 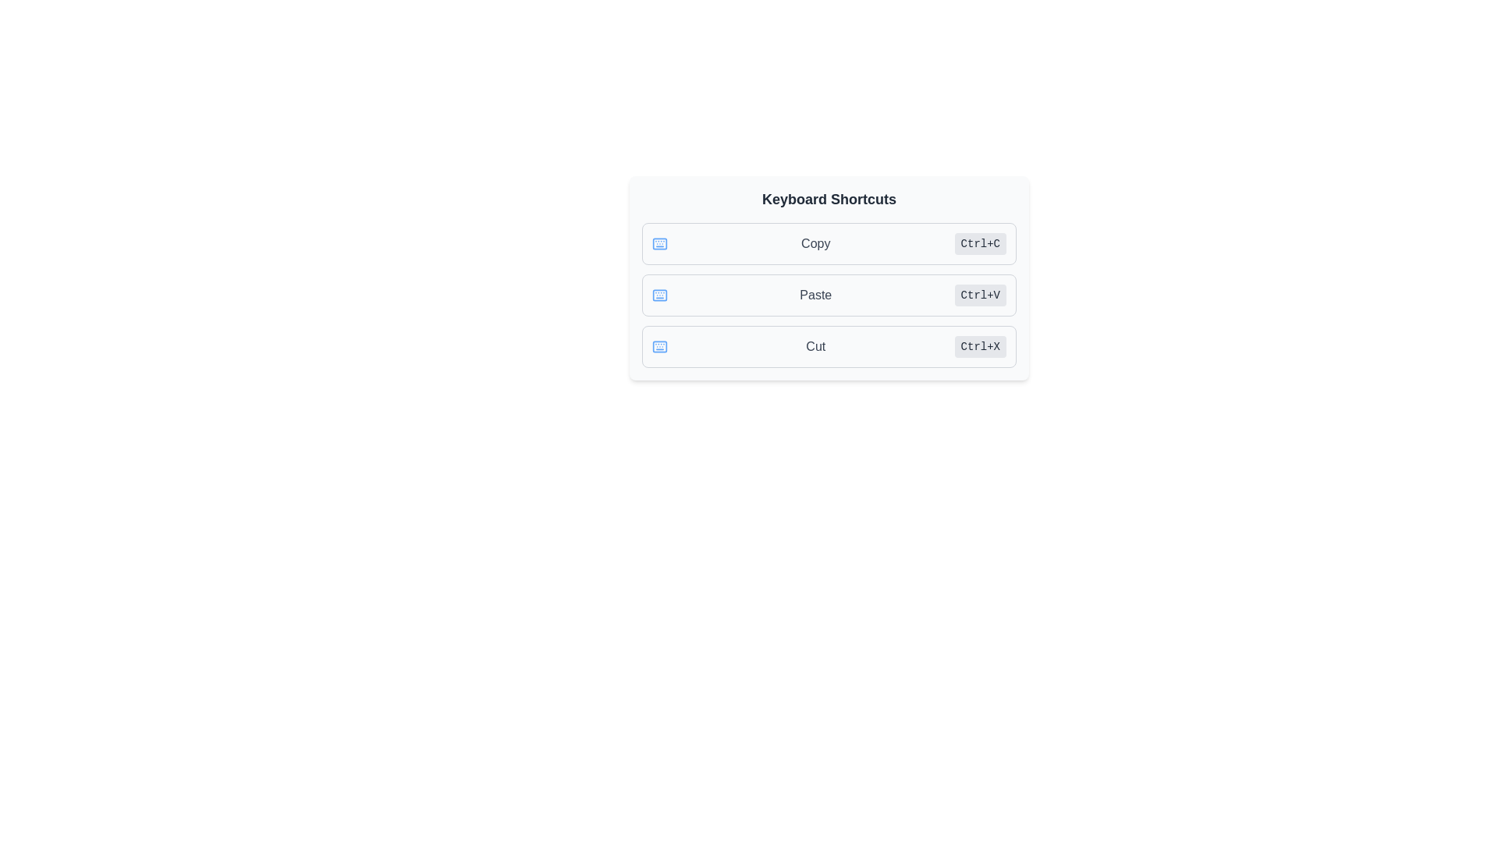 I want to click on the text label indicating the keyboard shortcut 'Ctrl+V' located in the 'Paste' row of the keyboard shortcuts table, so click(x=979, y=295).